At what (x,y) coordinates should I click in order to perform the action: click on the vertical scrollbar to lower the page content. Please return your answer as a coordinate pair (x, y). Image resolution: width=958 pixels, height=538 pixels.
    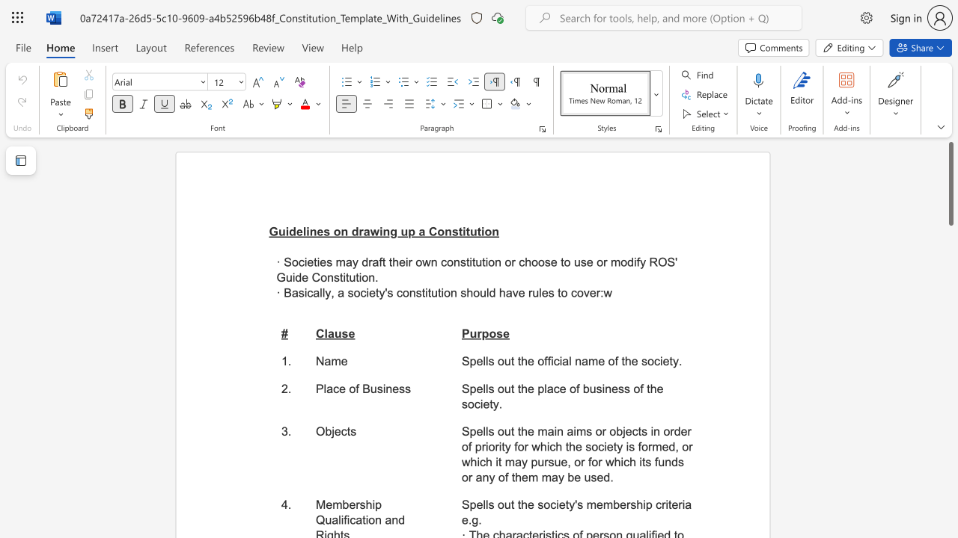
    Looking at the image, I should click on (950, 336).